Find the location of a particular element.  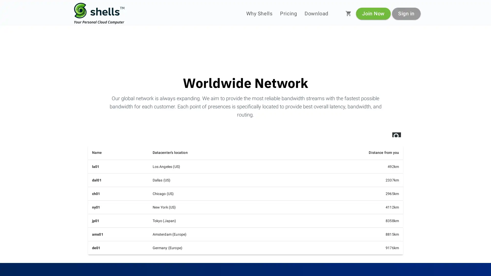

cart is located at coordinates (348, 13).